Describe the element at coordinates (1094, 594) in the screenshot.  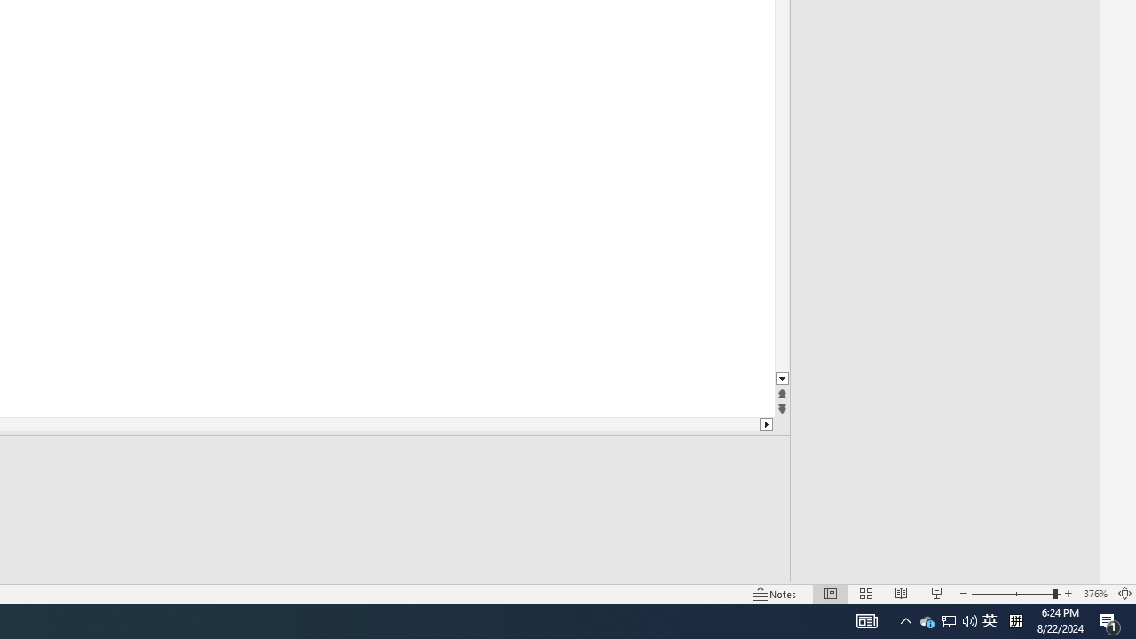
I see `'Zoom 376%'` at that location.